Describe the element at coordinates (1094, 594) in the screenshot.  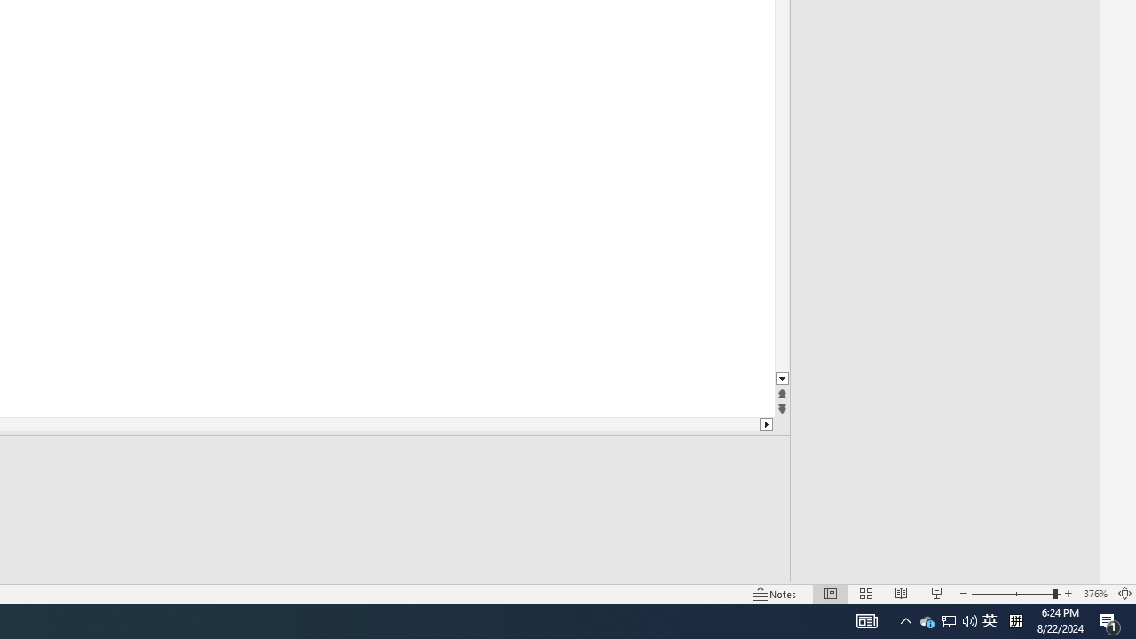
I see `'Zoom 376%'` at that location.